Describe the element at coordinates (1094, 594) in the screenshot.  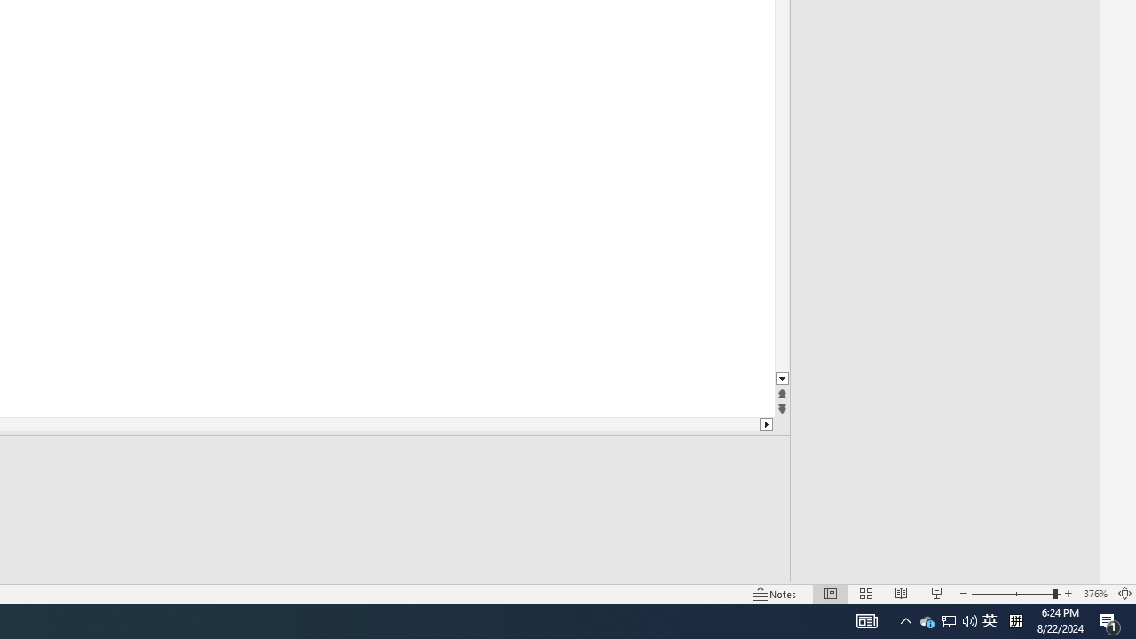
I see `'Zoom 376%'` at that location.